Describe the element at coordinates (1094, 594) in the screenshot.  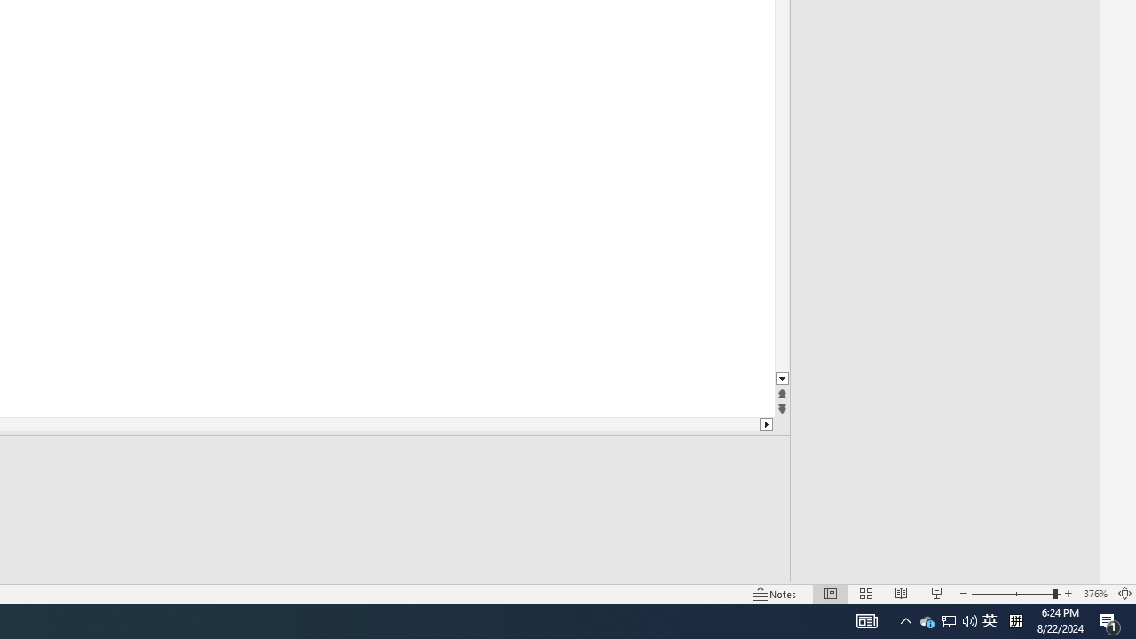
I see `'Zoom 376%'` at that location.